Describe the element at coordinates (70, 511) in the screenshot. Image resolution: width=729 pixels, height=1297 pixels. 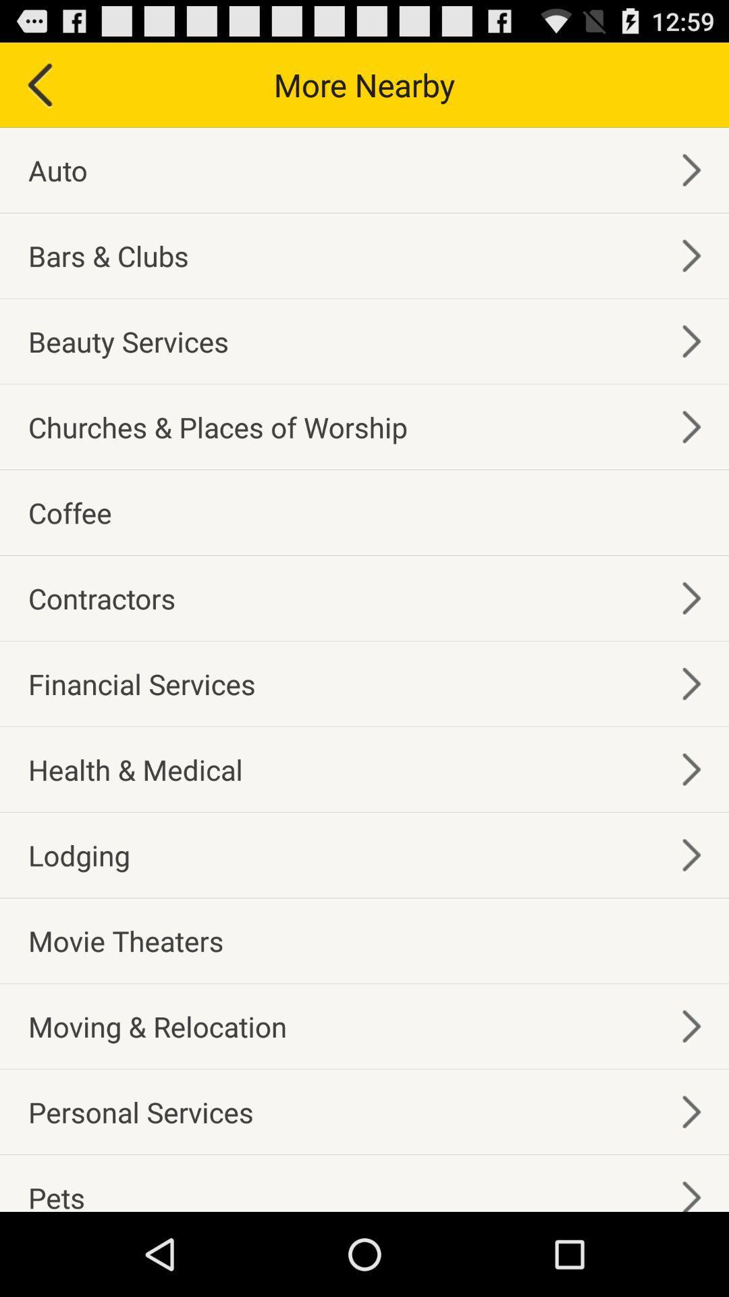
I see `the coffee` at that location.